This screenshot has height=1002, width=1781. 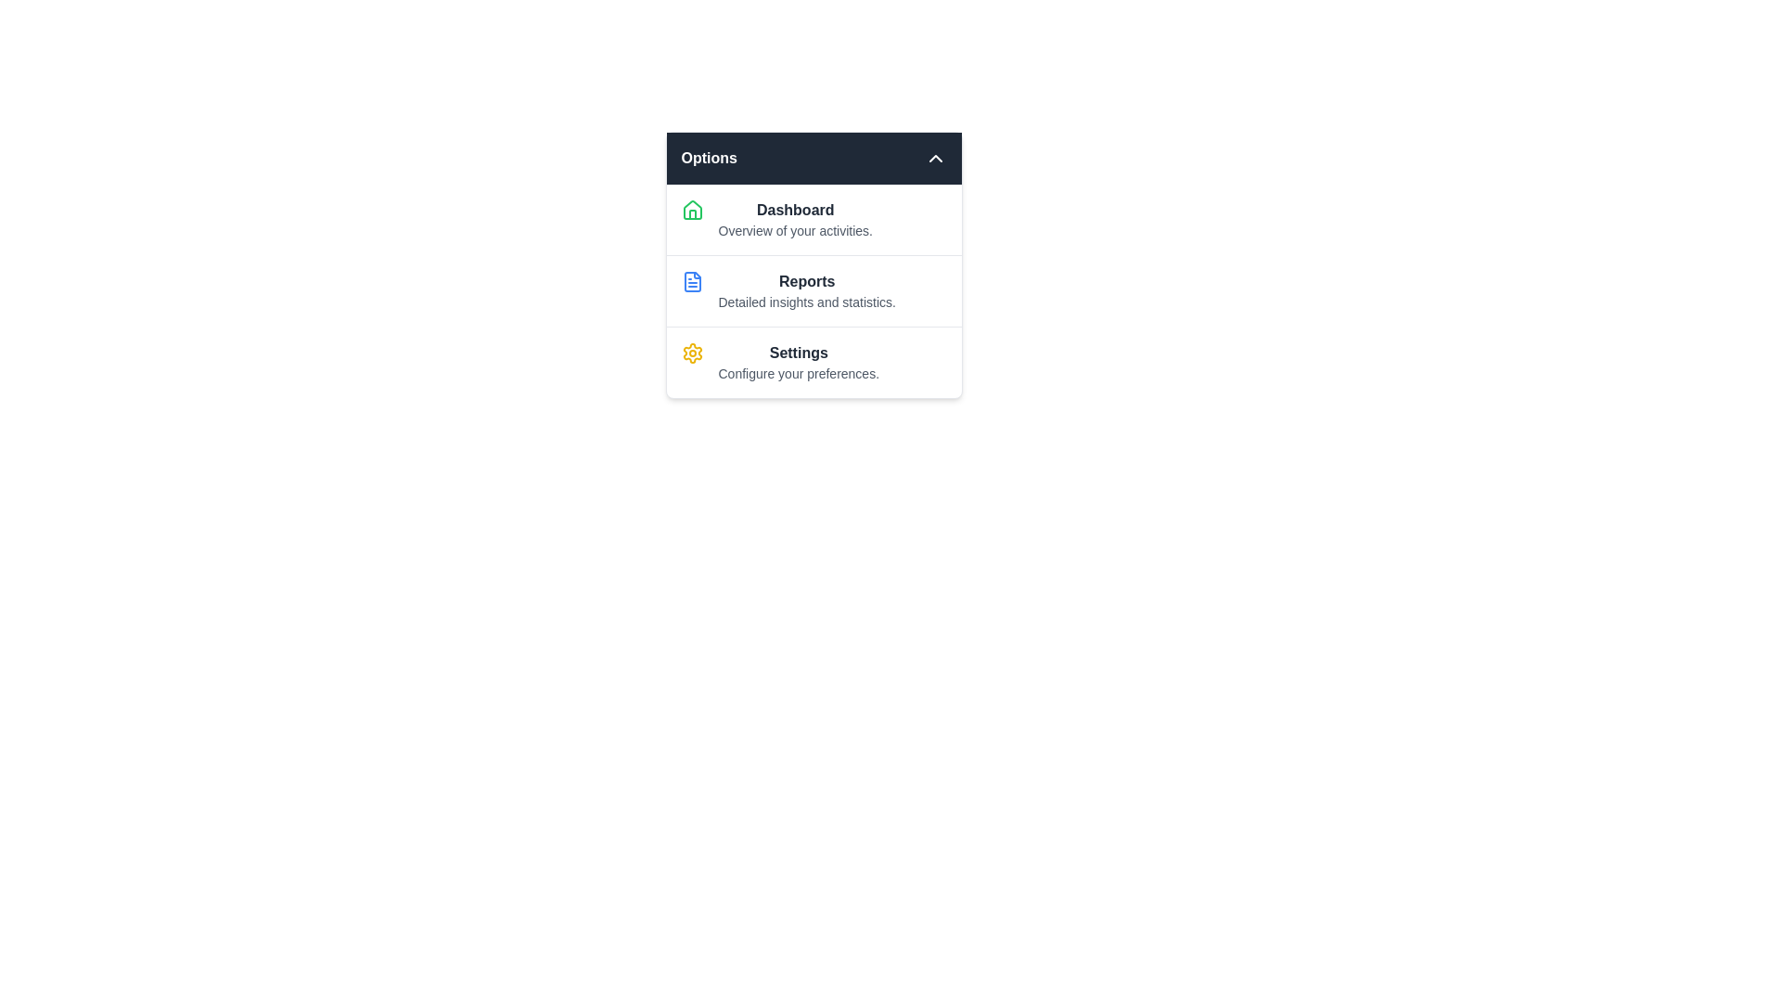 I want to click on text label 'Configure your preferences.' located under the 'Settings' title in the user interface card, so click(x=799, y=373).